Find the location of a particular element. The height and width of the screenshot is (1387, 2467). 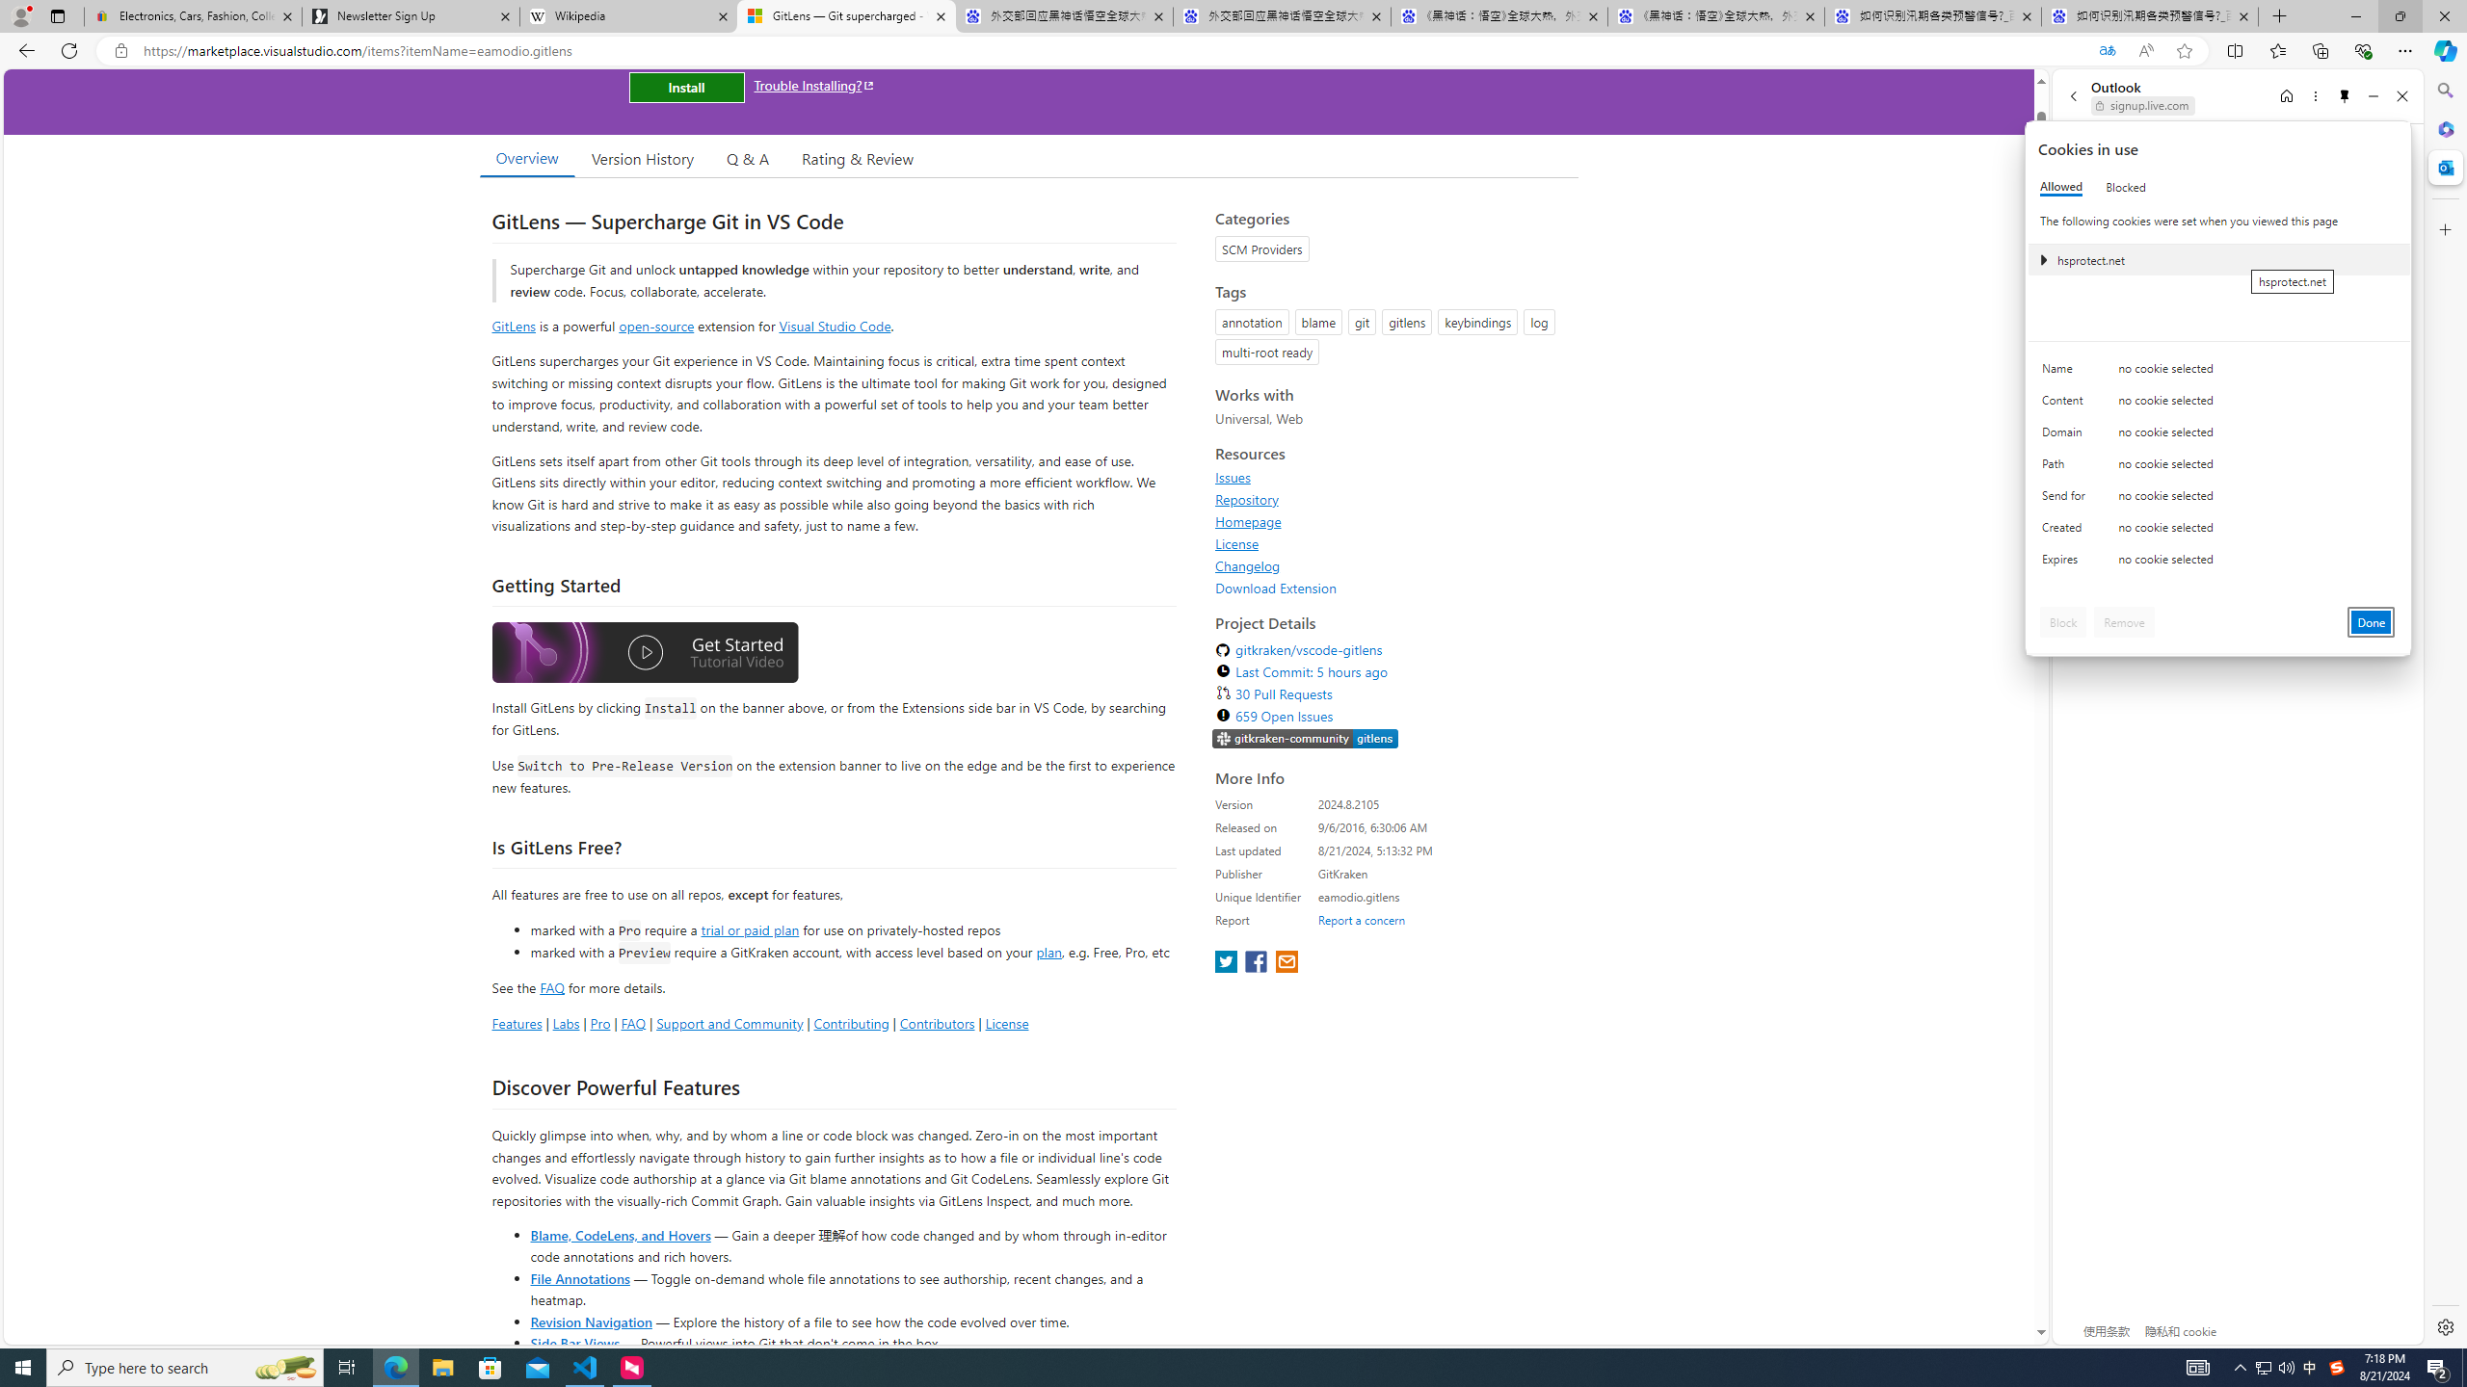

'Allowed' is located at coordinates (2059, 187).